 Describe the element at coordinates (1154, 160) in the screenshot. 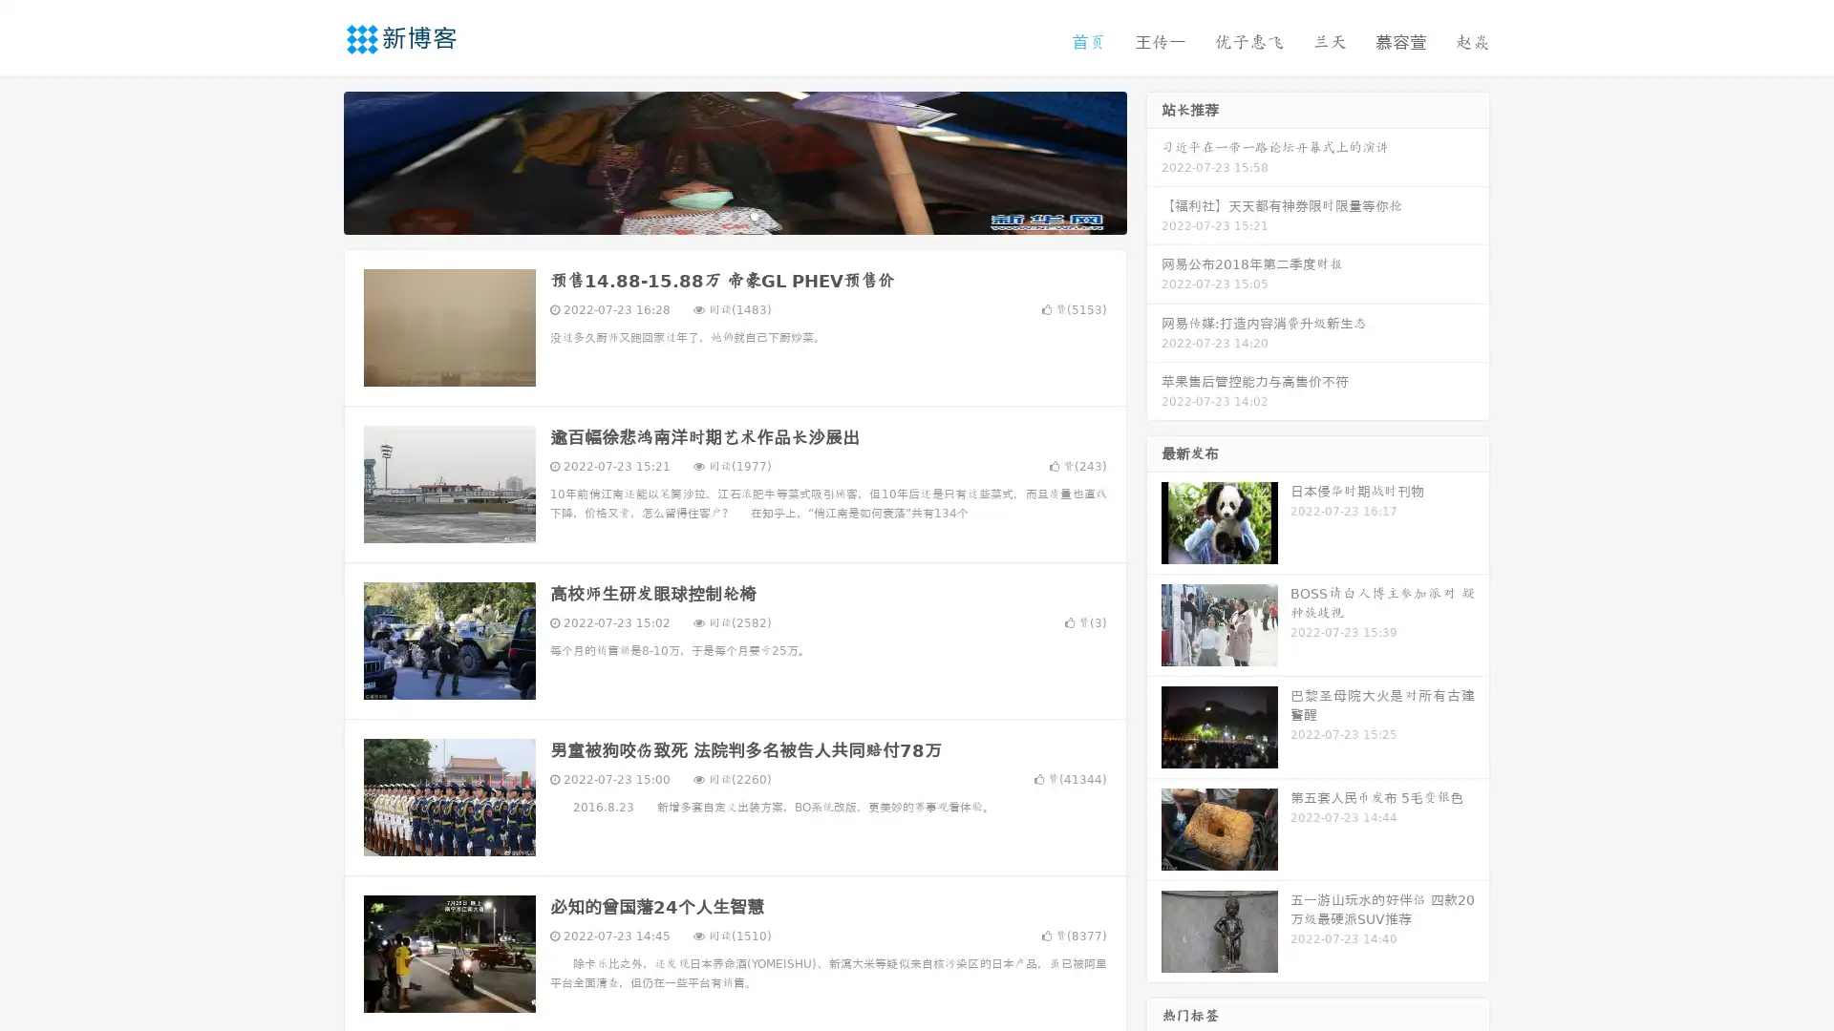

I see `Next slide` at that location.